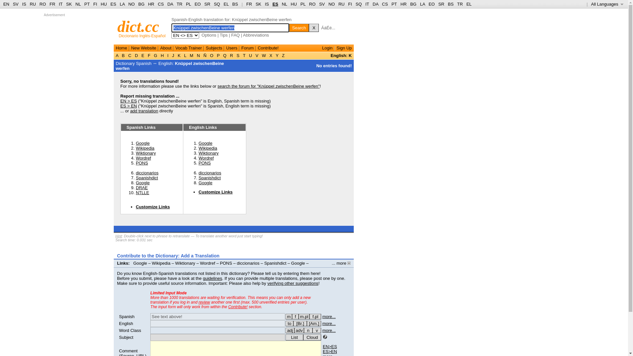 The width and height of the screenshot is (633, 356). I want to click on 'EN > ES', so click(128, 101).